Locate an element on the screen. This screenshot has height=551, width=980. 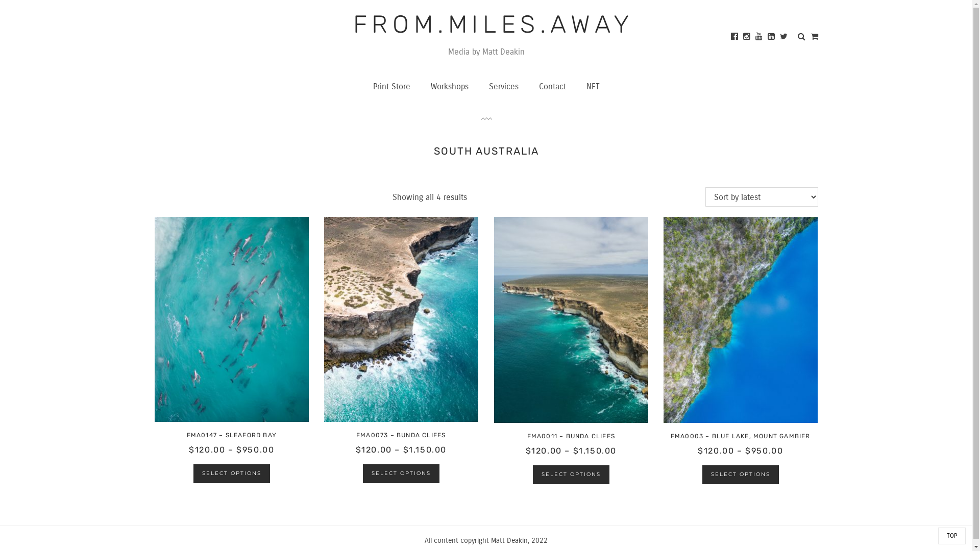
'Workshops' is located at coordinates (449, 86).